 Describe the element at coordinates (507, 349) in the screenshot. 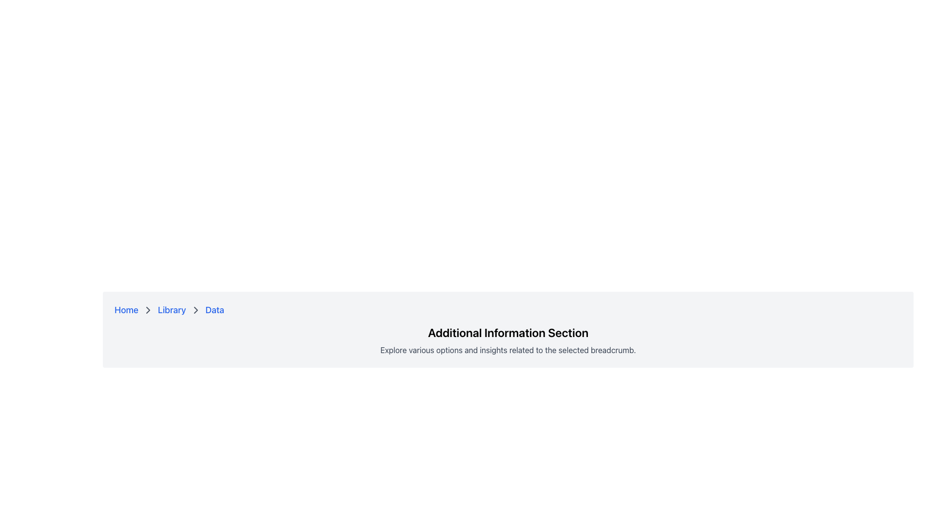

I see `the text block that contains the content 'Explore various options and insights related to the selected breadcrumb', which is styled in a smaller, gray font and is located just below the heading 'Additional Information Section'` at that location.